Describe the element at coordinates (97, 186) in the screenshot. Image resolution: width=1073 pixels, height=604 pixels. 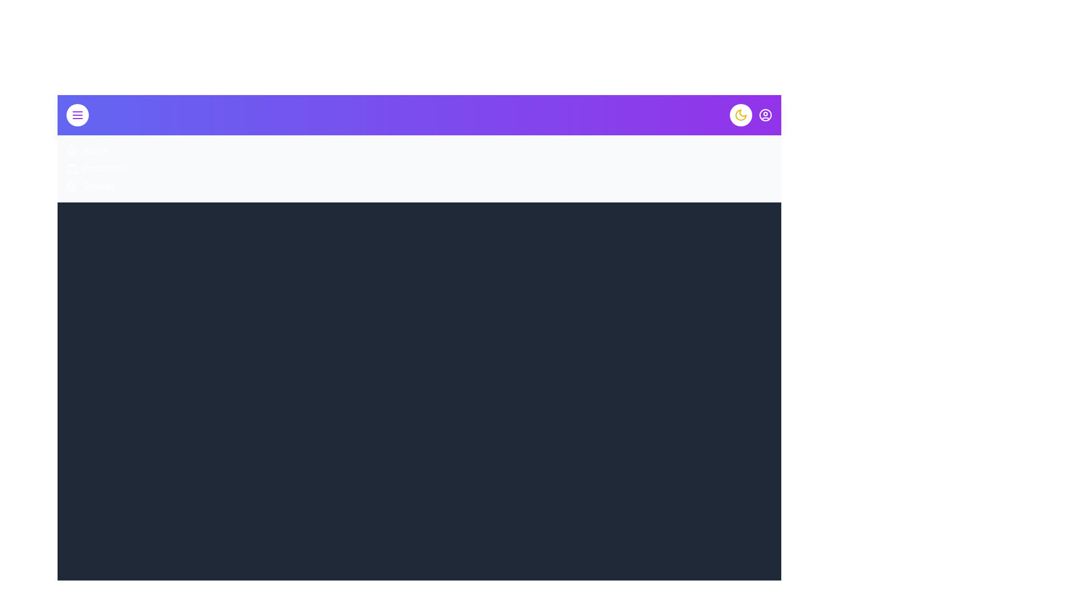
I see `the menu item Settings` at that location.